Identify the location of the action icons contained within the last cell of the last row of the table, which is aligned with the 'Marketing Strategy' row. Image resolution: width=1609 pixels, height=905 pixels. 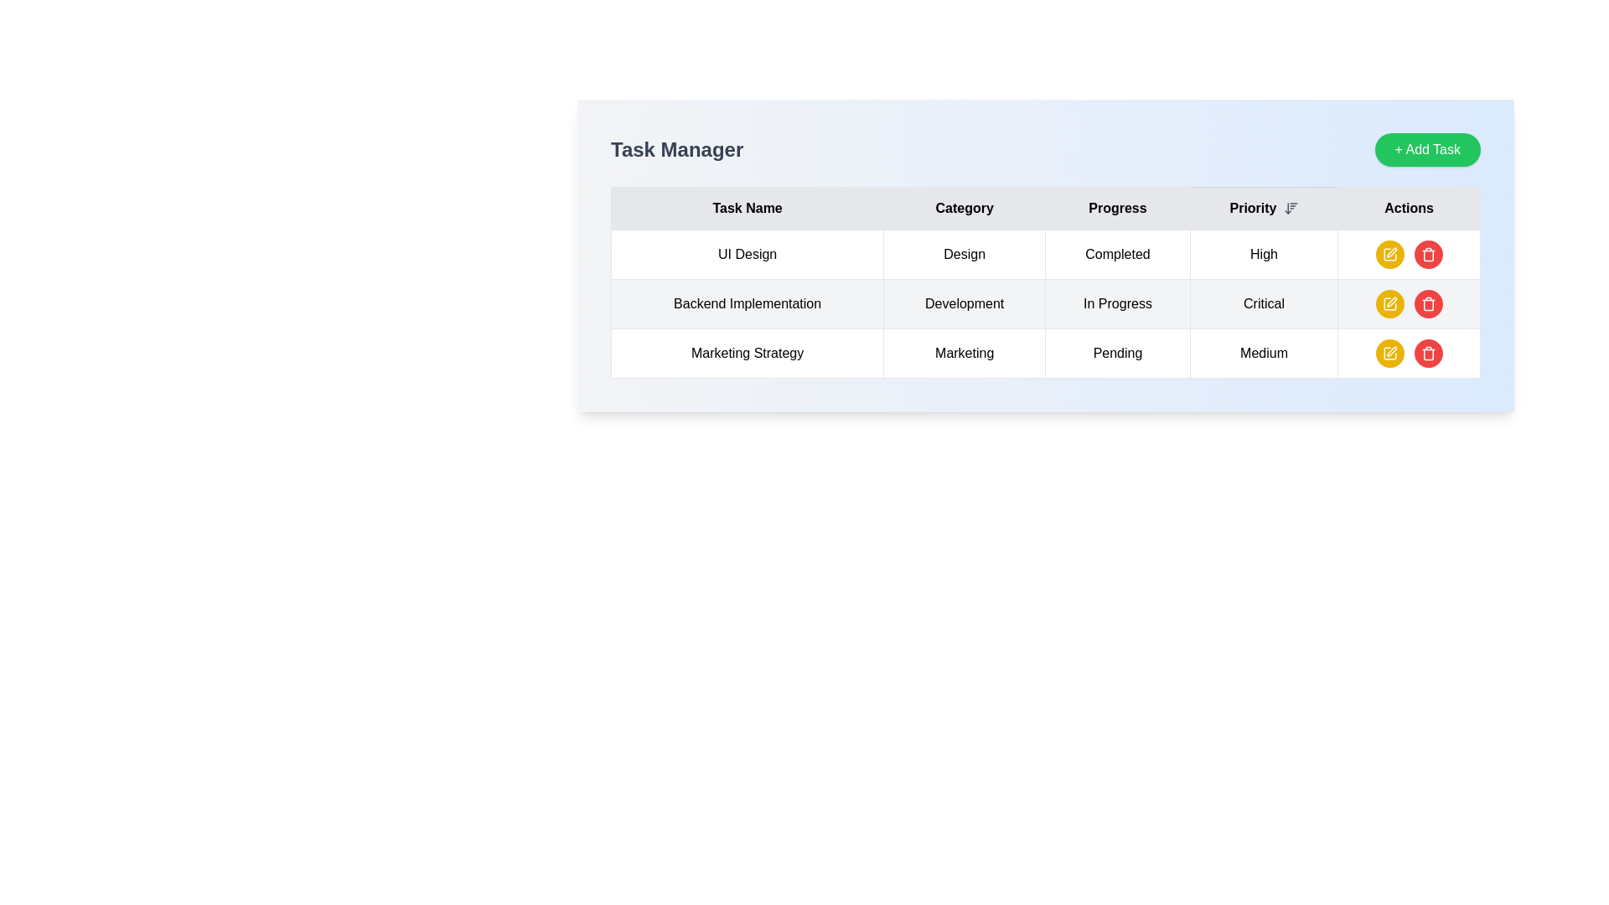
(1408, 352).